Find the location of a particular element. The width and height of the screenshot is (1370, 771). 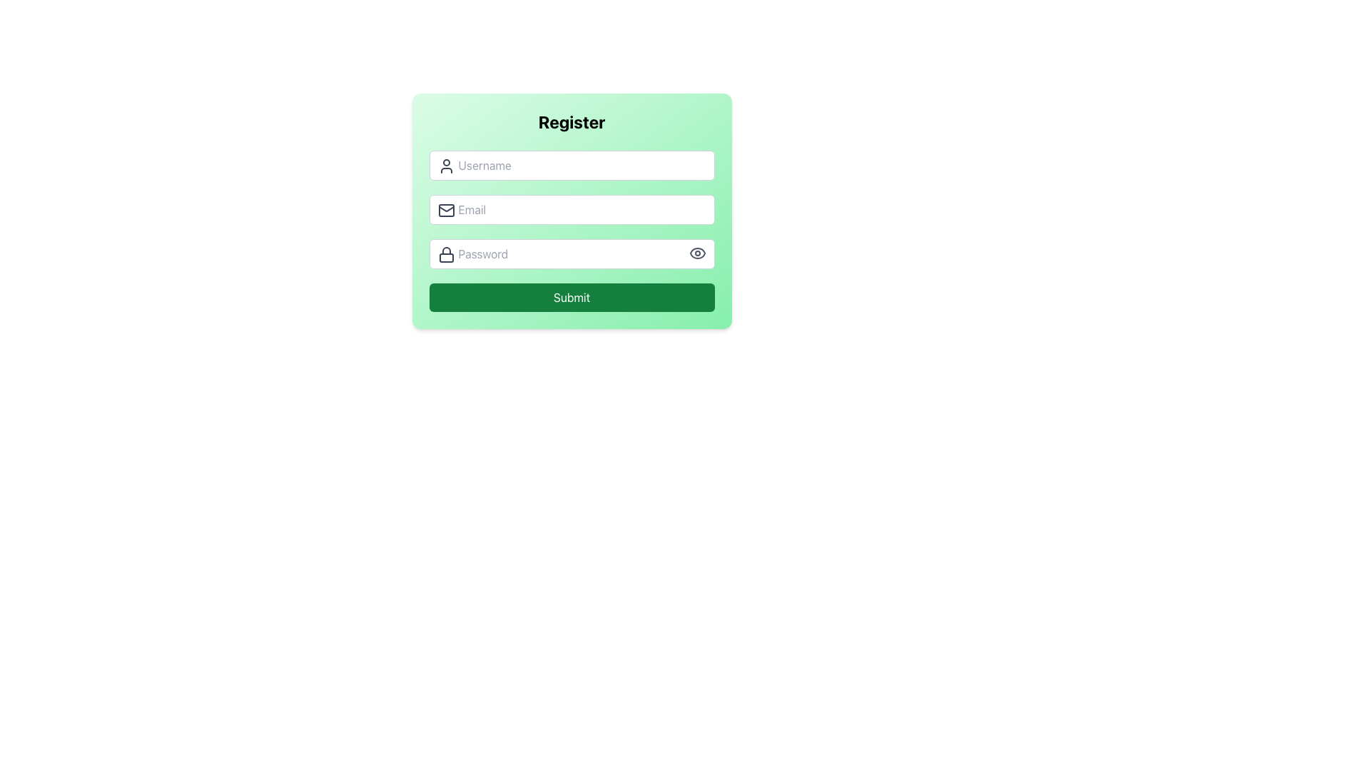

the small user icon, which is a minimalistic outline of a human figure, positioned to the left of the 'Username' text input field in the registration form is located at coordinates (445, 165).